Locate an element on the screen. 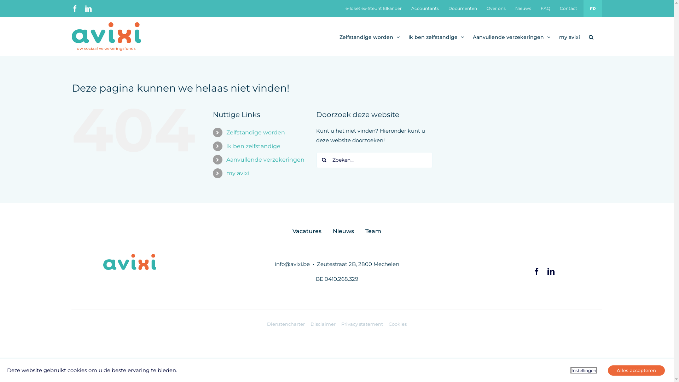  'Zelfstandige worden' is located at coordinates (255, 132).